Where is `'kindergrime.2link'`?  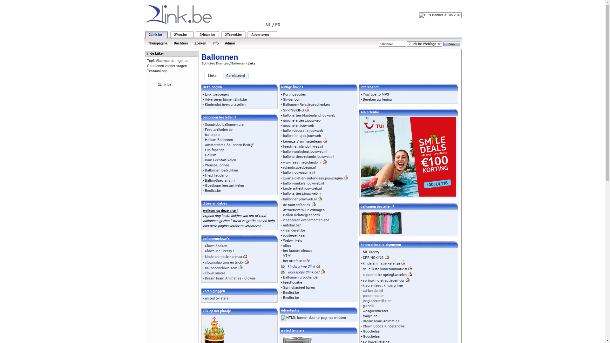 'kindergrime.2link' is located at coordinates (301, 266).